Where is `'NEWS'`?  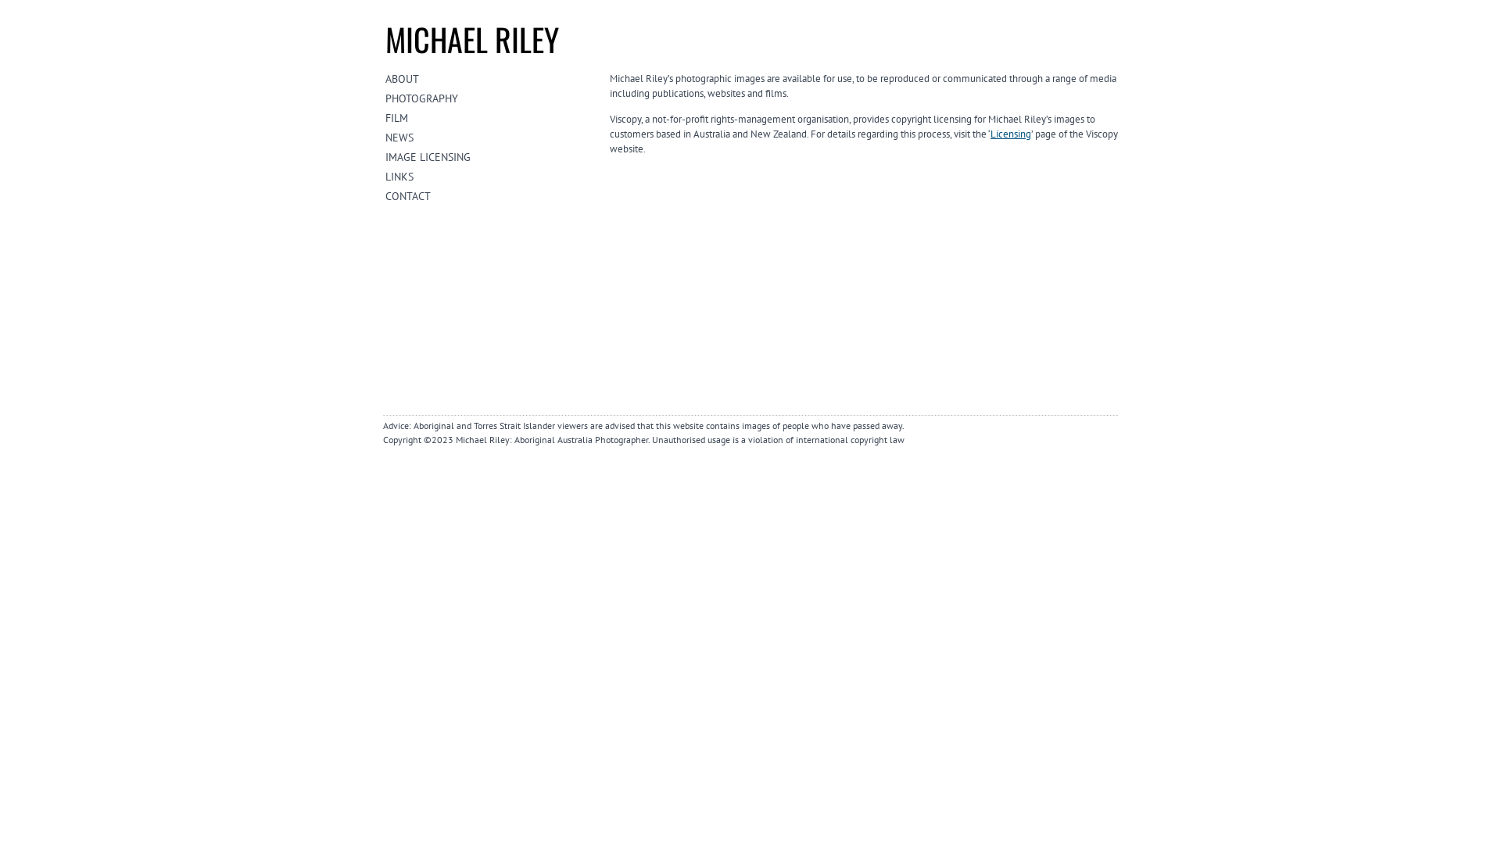 'NEWS' is located at coordinates (385, 137).